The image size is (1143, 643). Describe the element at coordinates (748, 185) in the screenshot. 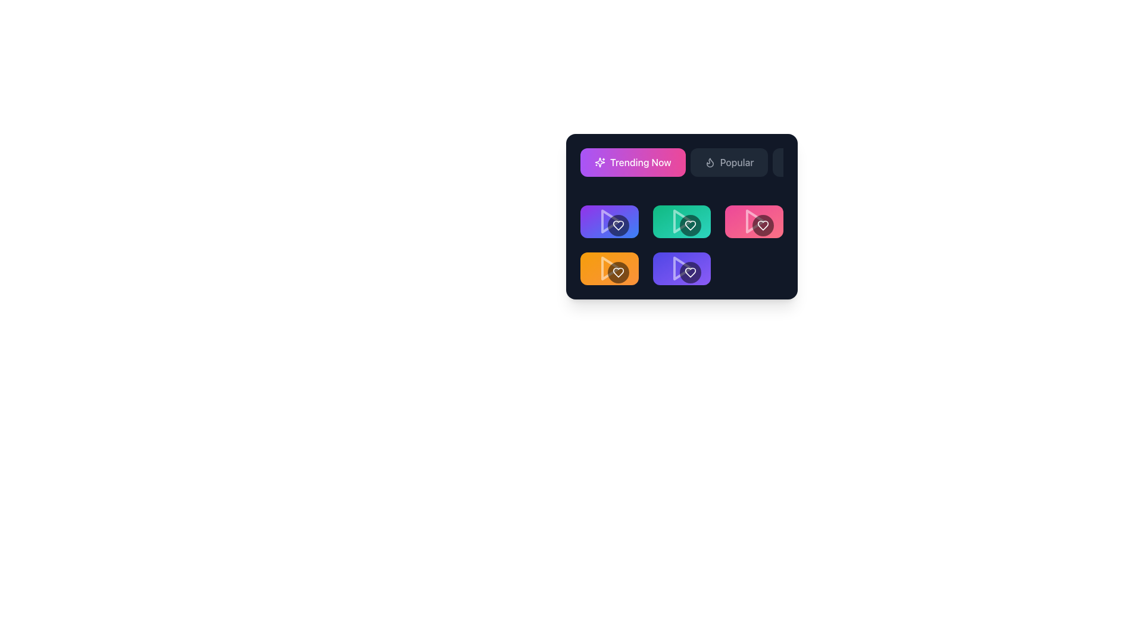

I see `the time duration display element in the top-right area of the interface` at that location.